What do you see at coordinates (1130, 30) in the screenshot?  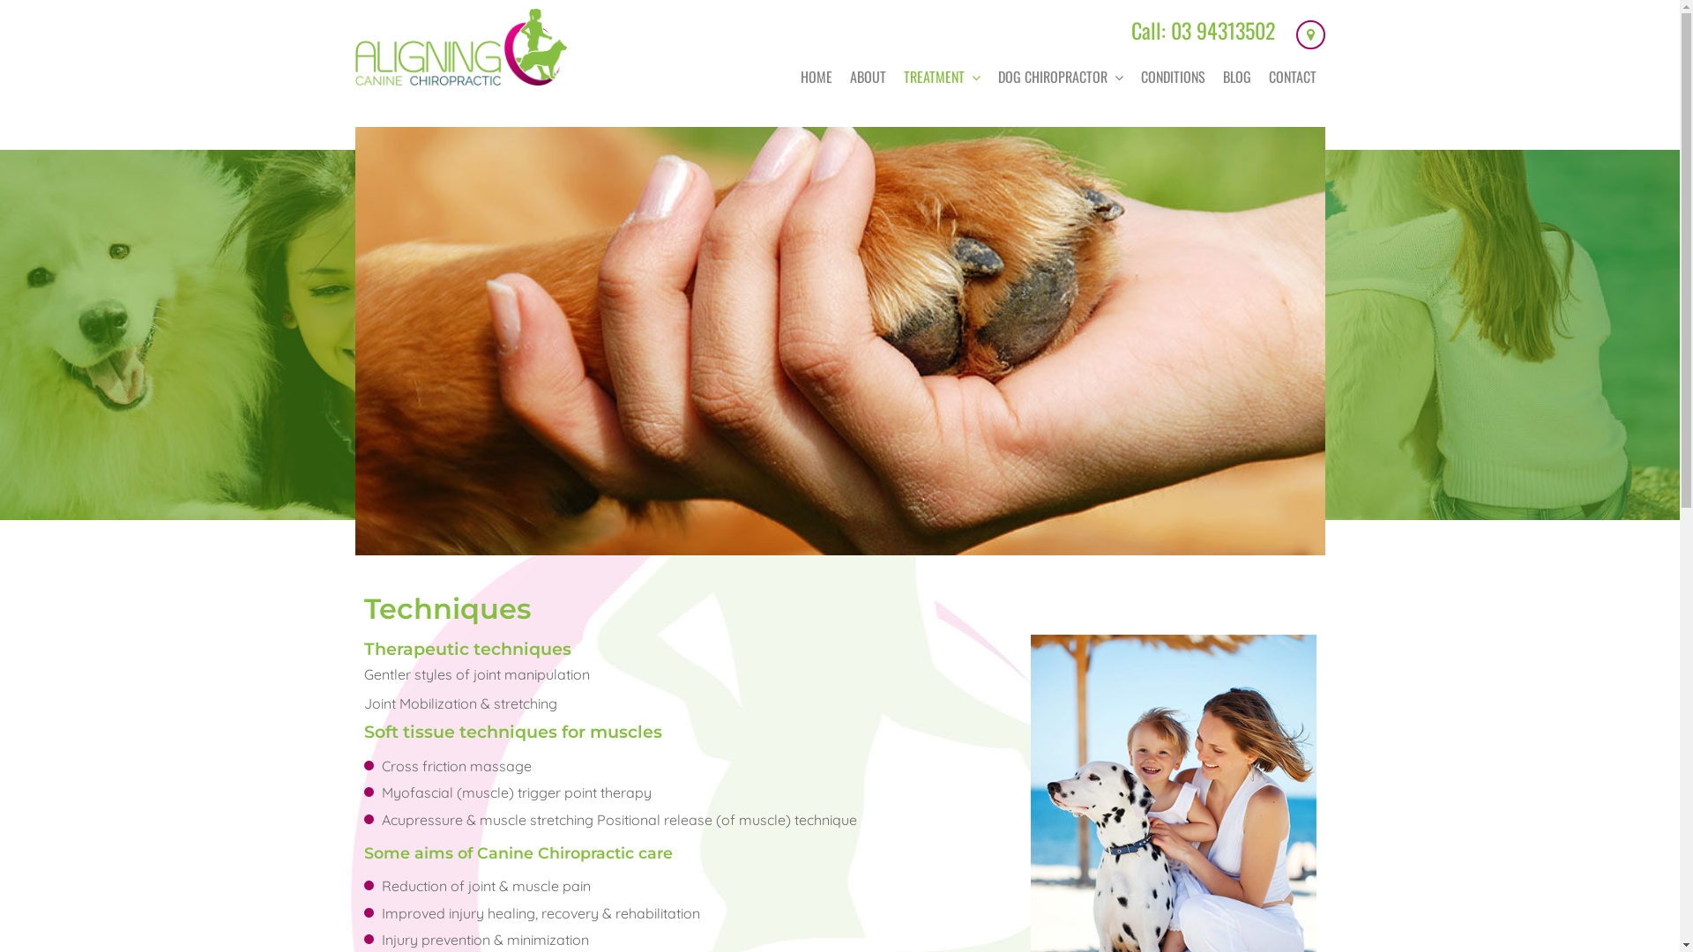 I see `'Call: 03 94313502'` at bounding box center [1130, 30].